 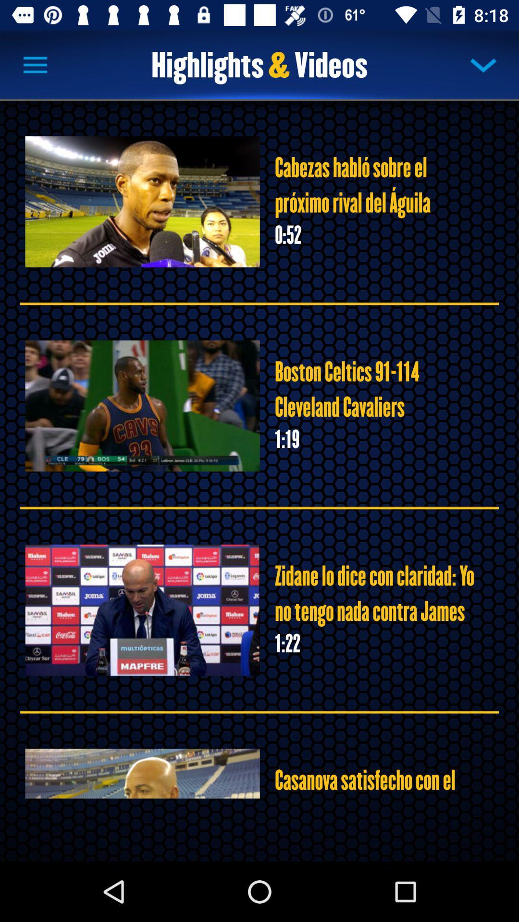 What do you see at coordinates (143, 609) in the screenshot?
I see `the third image in the page` at bounding box center [143, 609].